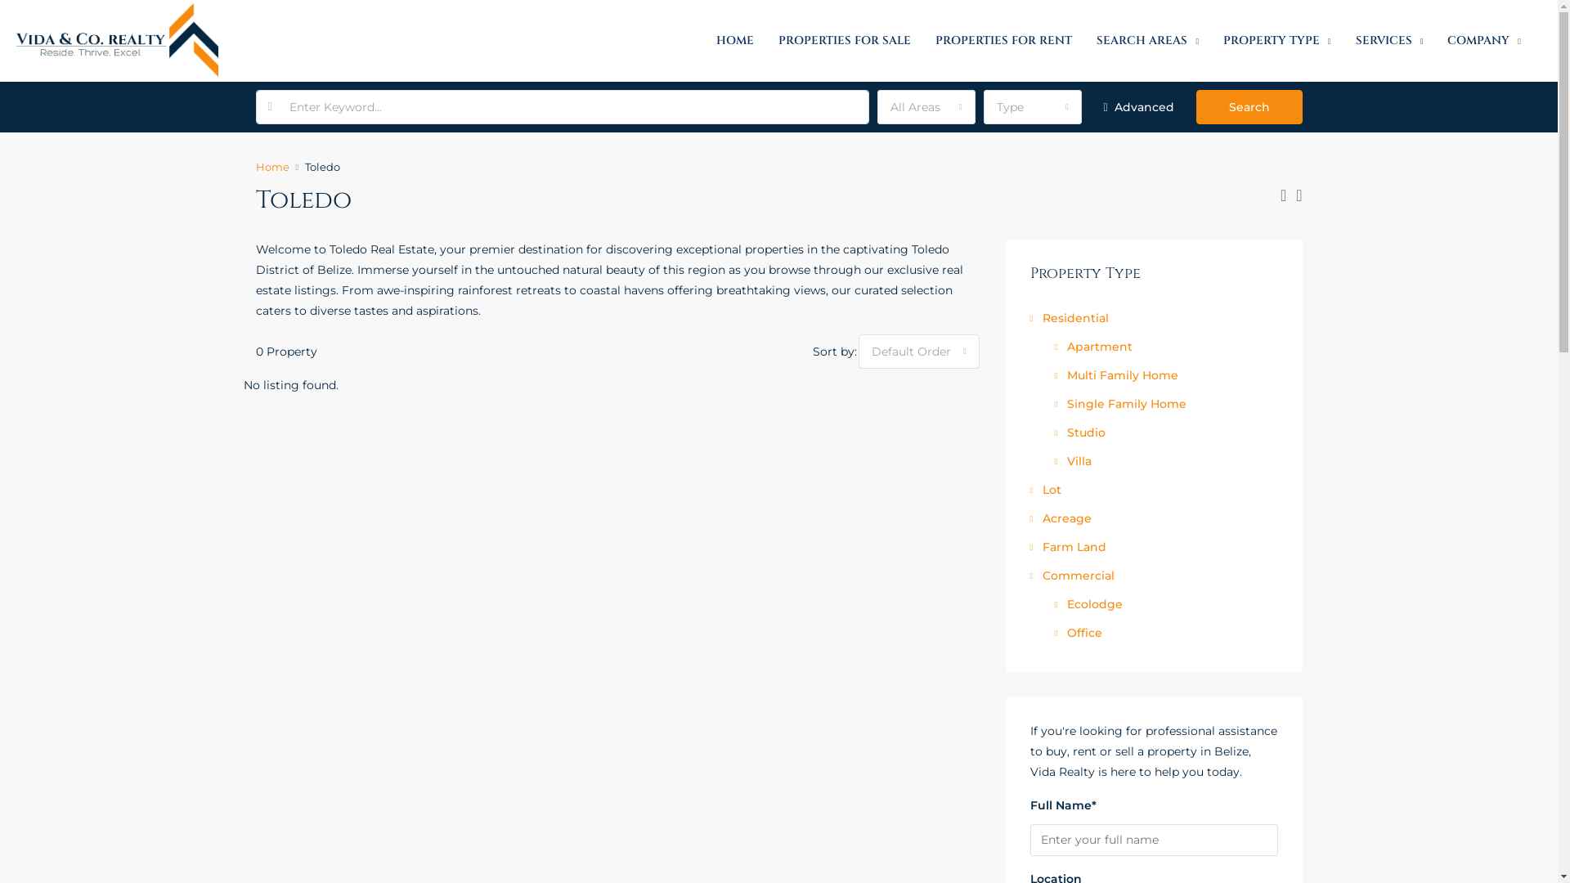 Image resolution: width=1570 pixels, height=883 pixels. What do you see at coordinates (765, 40) in the screenshot?
I see `'PROPERTIES FOR SALE'` at bounding box center [765, 40].